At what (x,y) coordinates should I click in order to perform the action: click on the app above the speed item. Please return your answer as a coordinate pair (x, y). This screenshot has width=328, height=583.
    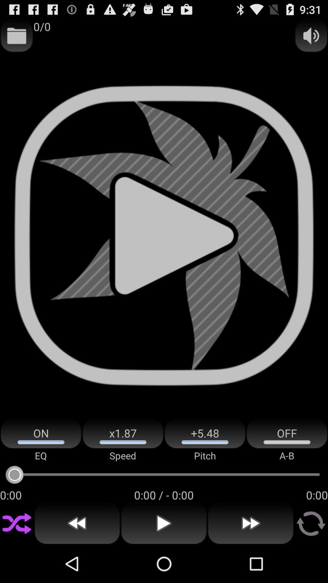
    Looking at the image, I should click on (123, 434).